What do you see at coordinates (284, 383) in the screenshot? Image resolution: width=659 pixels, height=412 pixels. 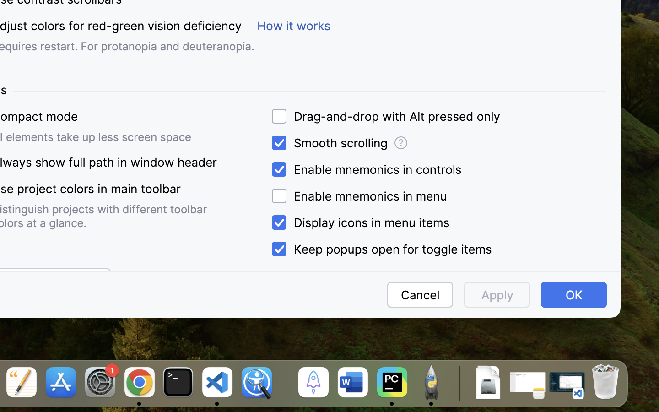 I see `'0.4285714328289032'` at bounding box center [284, 383].